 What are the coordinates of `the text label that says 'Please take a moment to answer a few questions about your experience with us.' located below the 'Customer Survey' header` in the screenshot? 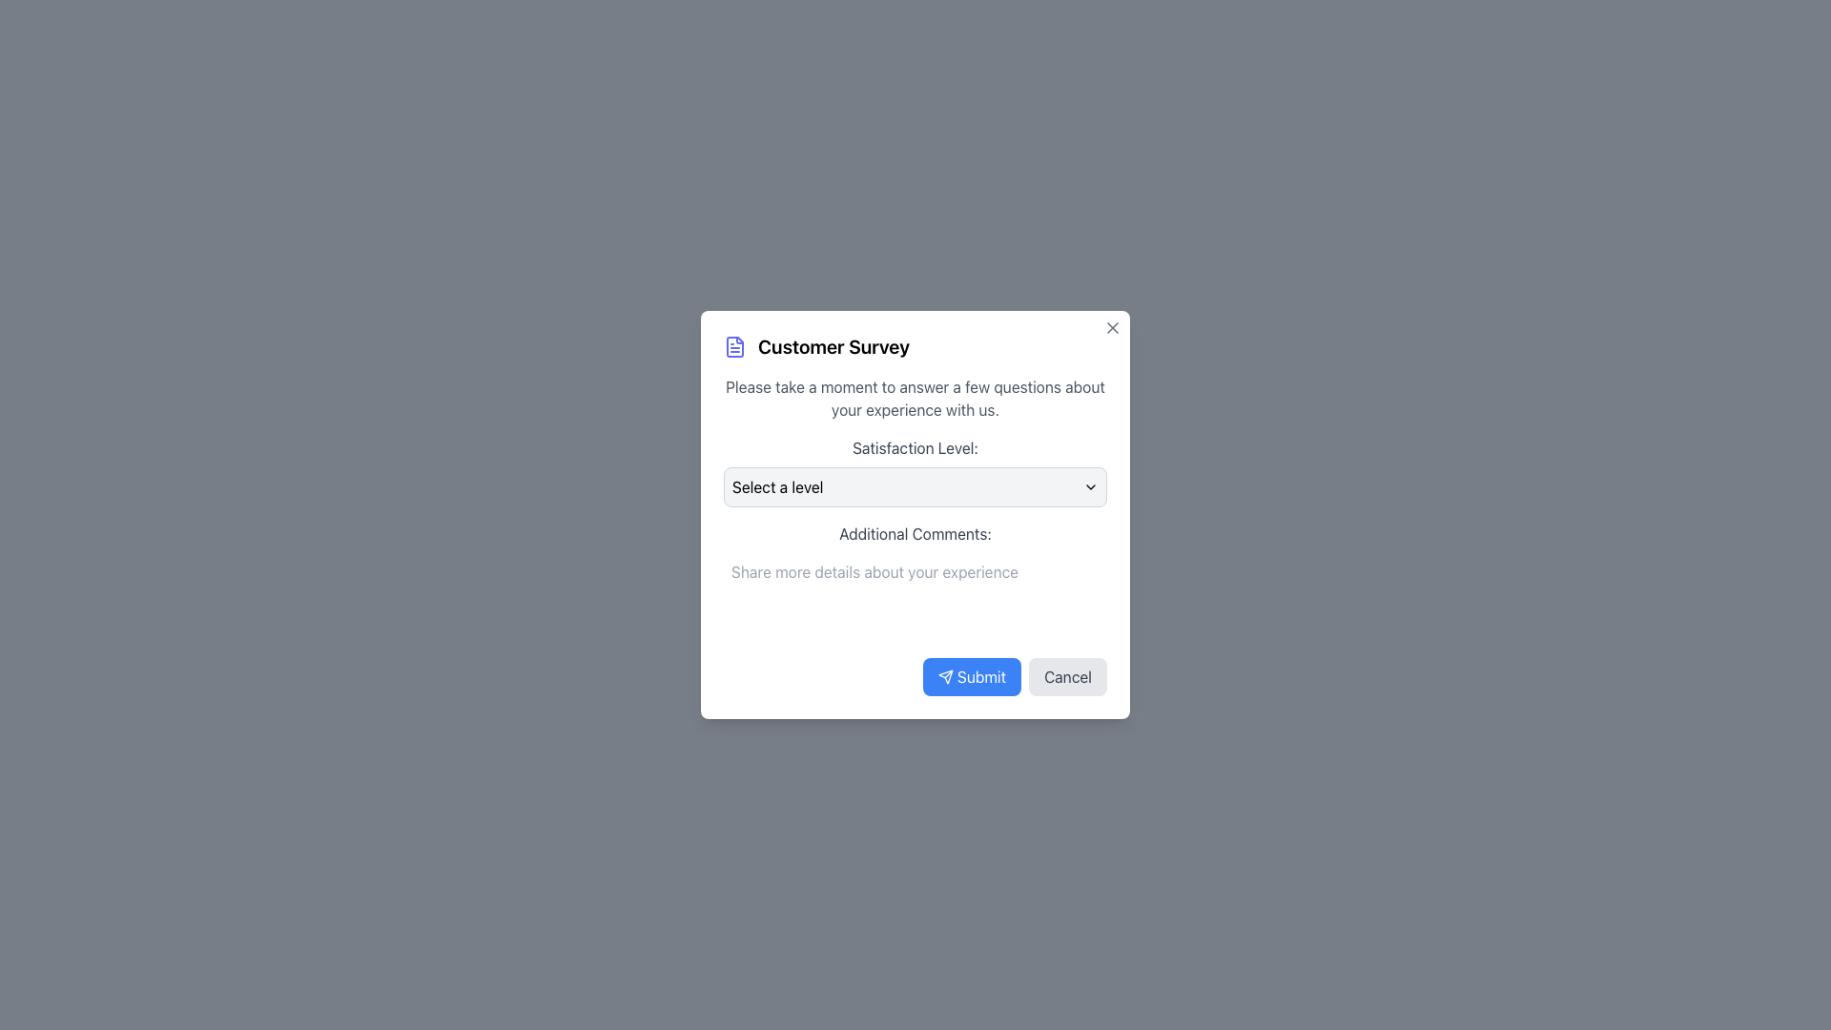 It's located at (915, 397).